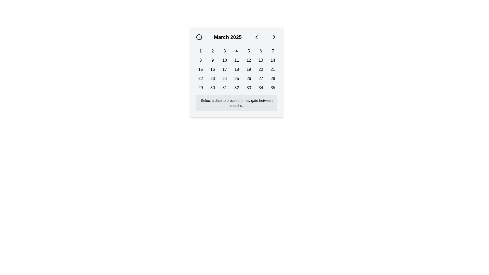 This screenshot has width=489, height=275. What do you see at coordinates (261, 51) in the screenshot?
I see `the rectangular button labeled '6' located in the first row of the grid layout, positioned between the buttons labeled '5' and '7', below the header indicating 'March 2025'` at bounding box center [261, 51].